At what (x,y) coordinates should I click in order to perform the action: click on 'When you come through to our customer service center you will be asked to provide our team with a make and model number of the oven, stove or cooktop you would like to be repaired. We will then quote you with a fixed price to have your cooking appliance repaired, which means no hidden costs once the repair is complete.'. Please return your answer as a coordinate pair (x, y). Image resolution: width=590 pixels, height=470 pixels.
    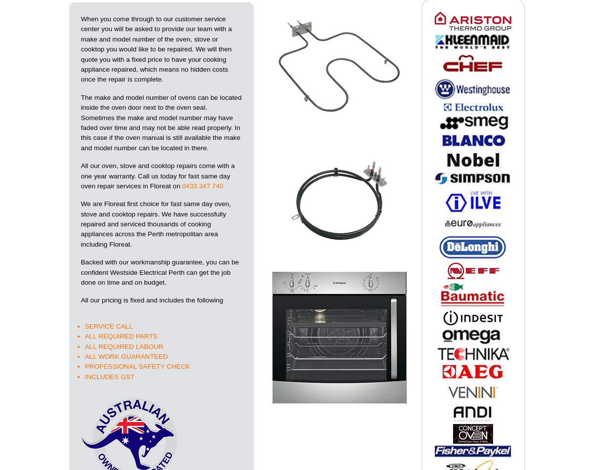
    Looking at the image, I should click on (155, 49).